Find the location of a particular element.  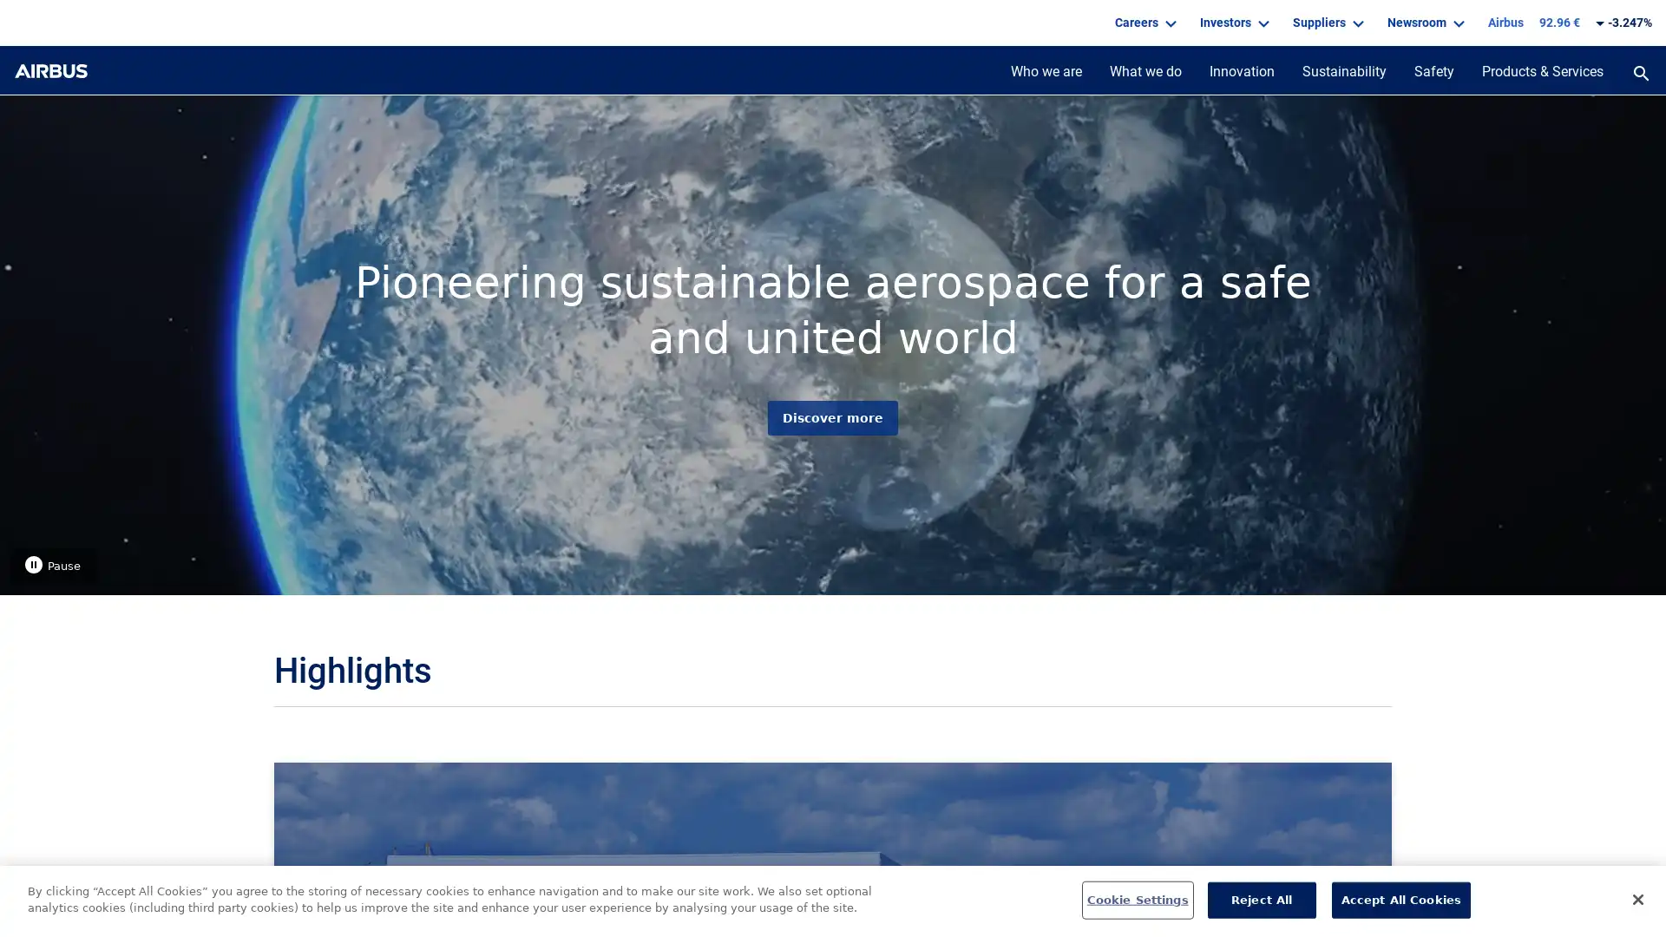

Suppliers is located at coordinates (1325, 23).